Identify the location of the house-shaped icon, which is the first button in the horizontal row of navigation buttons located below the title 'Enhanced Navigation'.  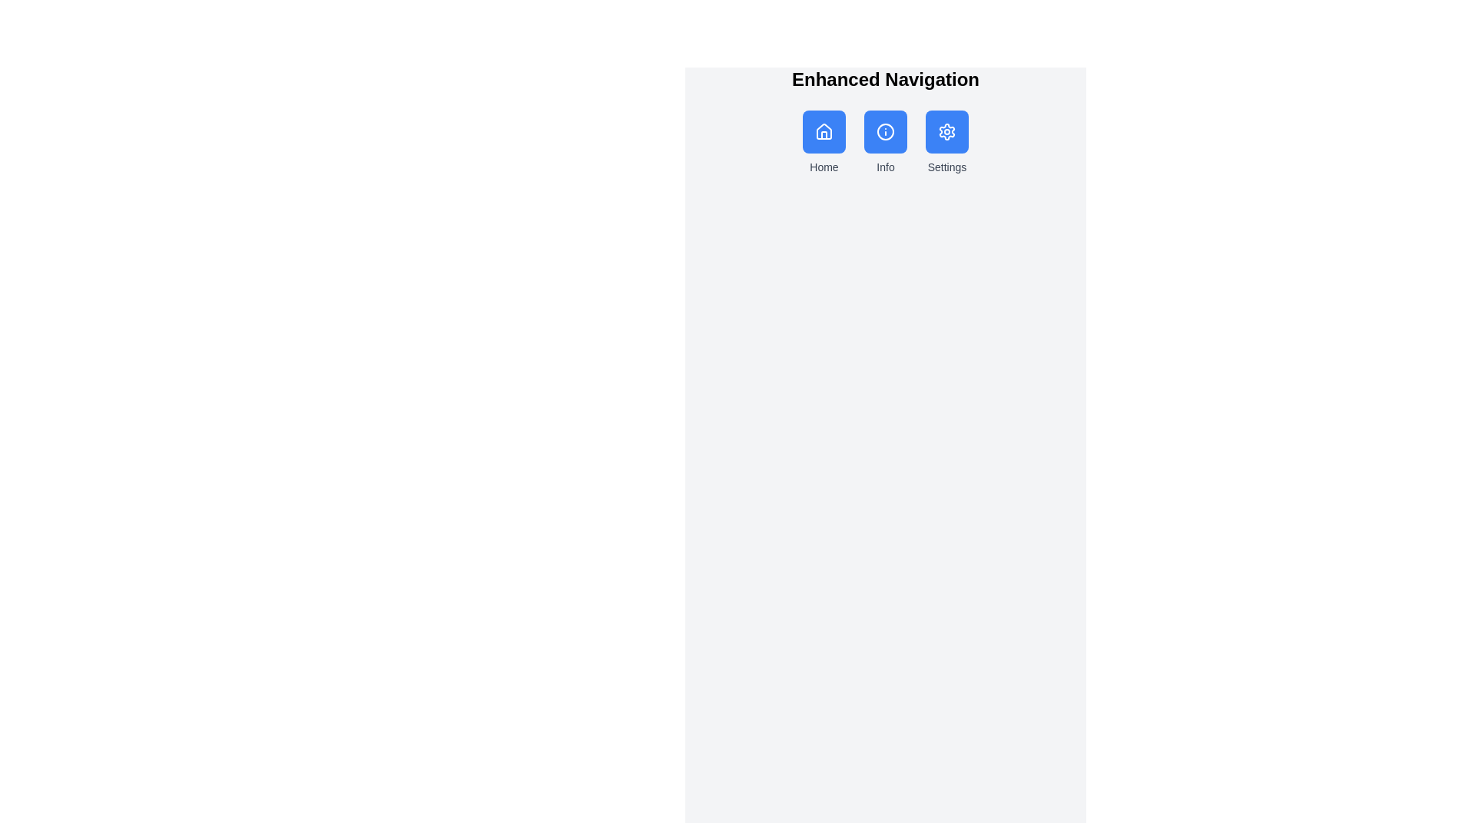
(824, 131).